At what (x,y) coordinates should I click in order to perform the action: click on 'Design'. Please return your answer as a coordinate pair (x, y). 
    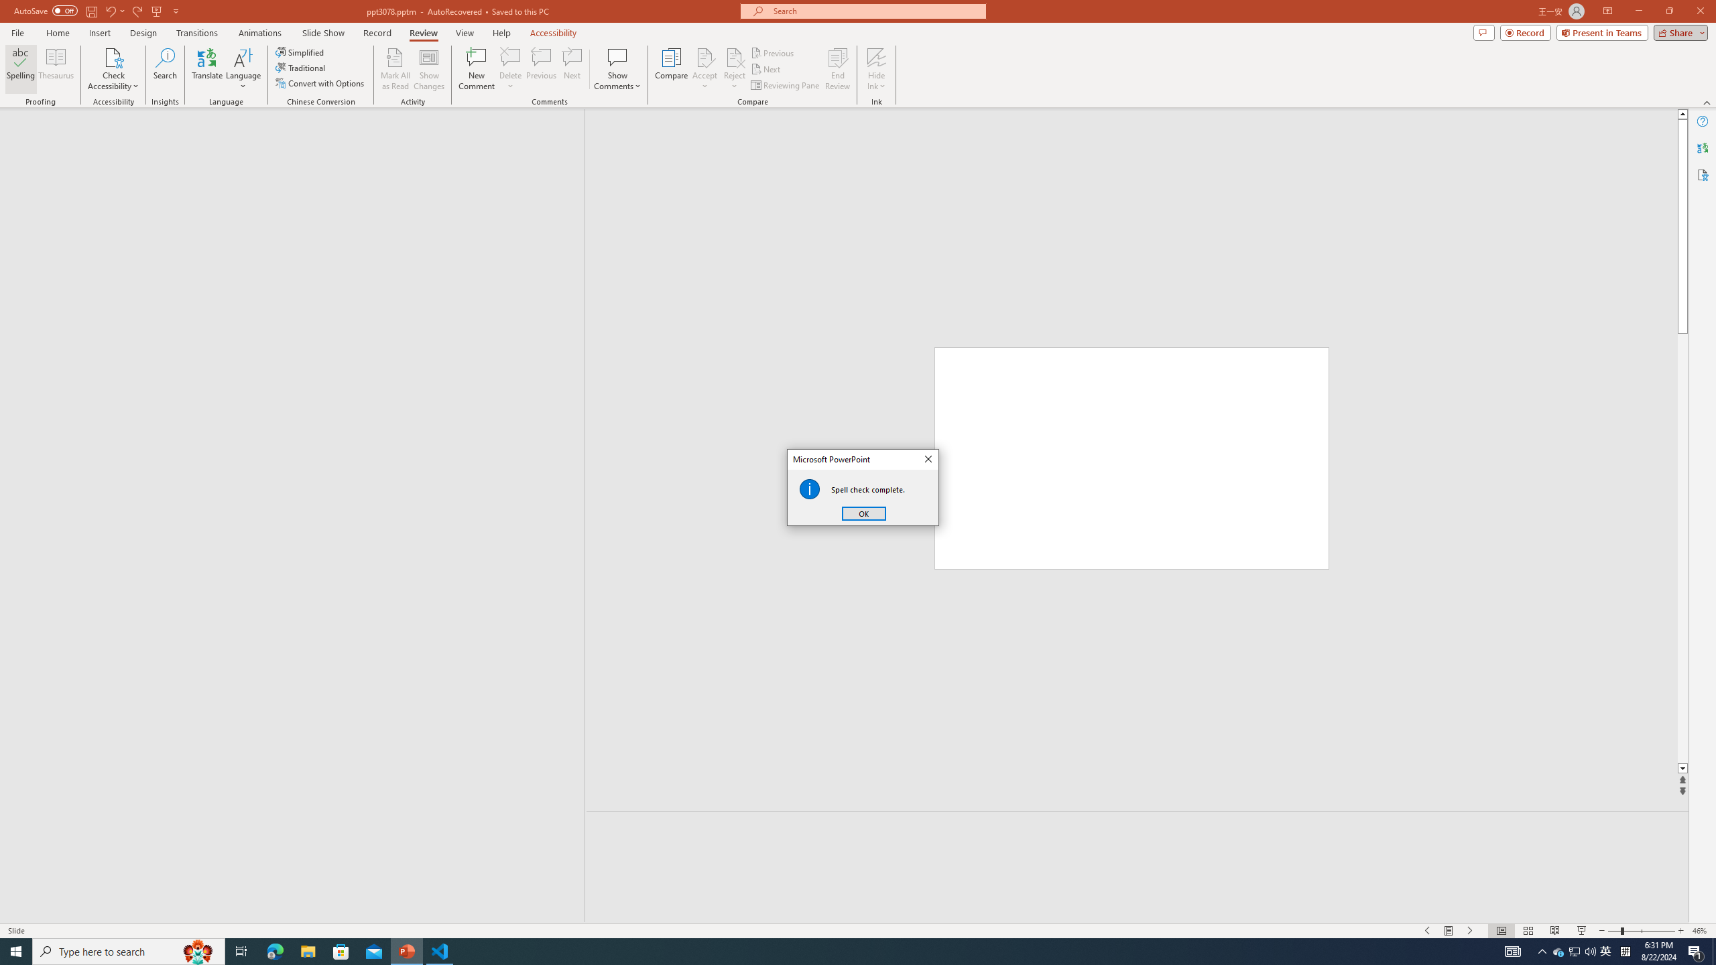
    Looking at the image, I should click on (144, 33).